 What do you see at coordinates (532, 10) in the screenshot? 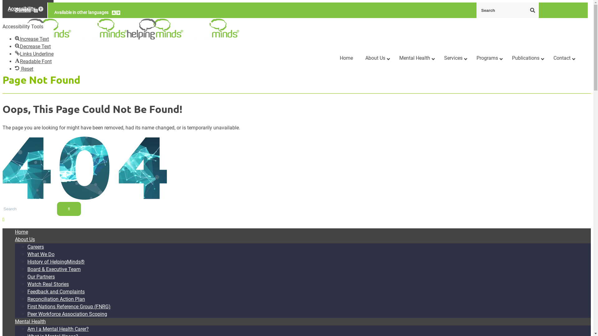
I see `'Search'` at bounding box center [532, 10].